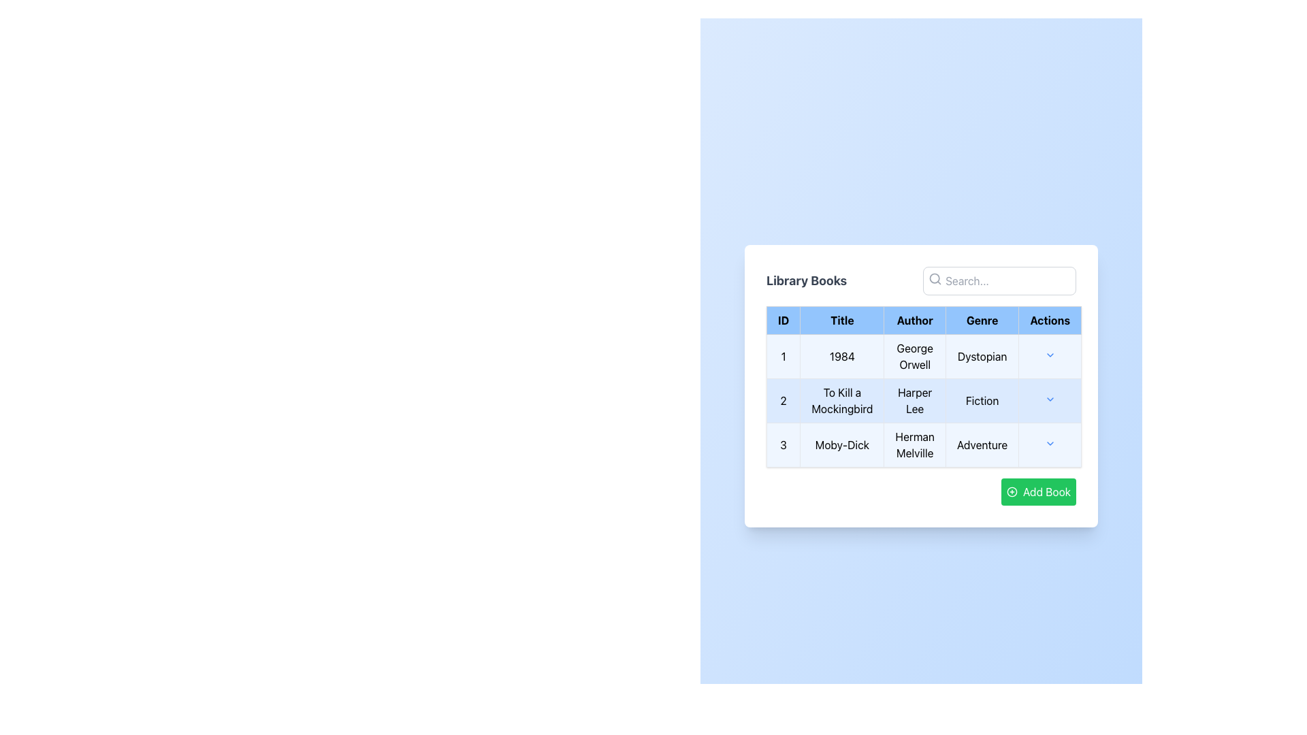  Describe the element at coordinates (982, 399) in the screenshot. I see `the static text label displaying 'Fiction' located in the 'Genre' column of the table, positioned in the fourth column of the second row` at that location.